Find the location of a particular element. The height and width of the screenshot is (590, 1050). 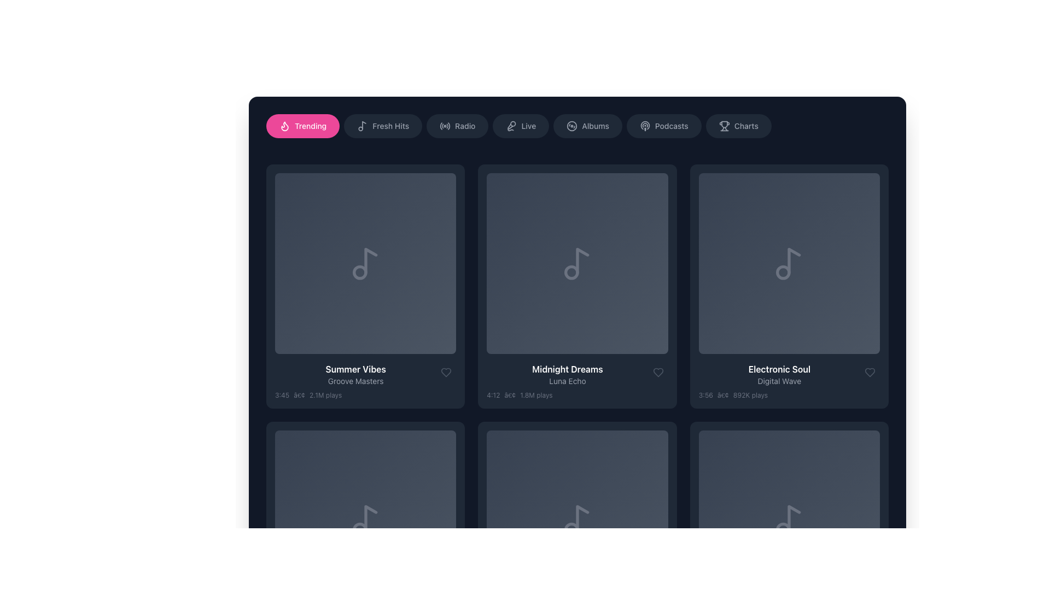

text label displaying 'Luna Echo', which is positioned below the title 'Midnight Dreams' and is horizontally centered is located at coordinates (567, 381).